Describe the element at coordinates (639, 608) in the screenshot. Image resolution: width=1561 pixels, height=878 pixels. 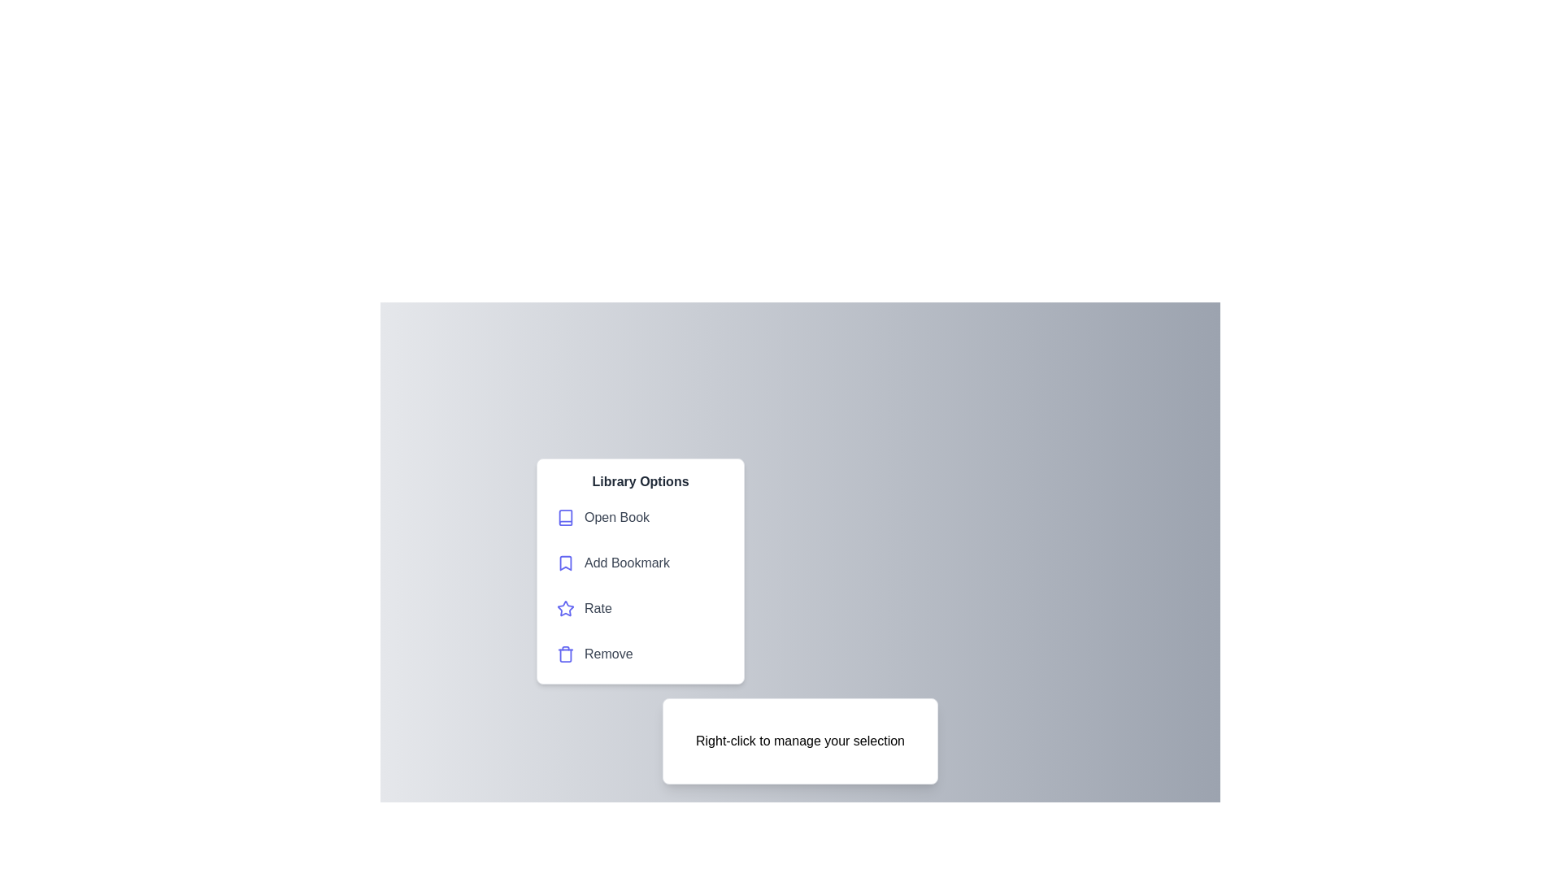
I see `the Rate from the context menu` at that location.